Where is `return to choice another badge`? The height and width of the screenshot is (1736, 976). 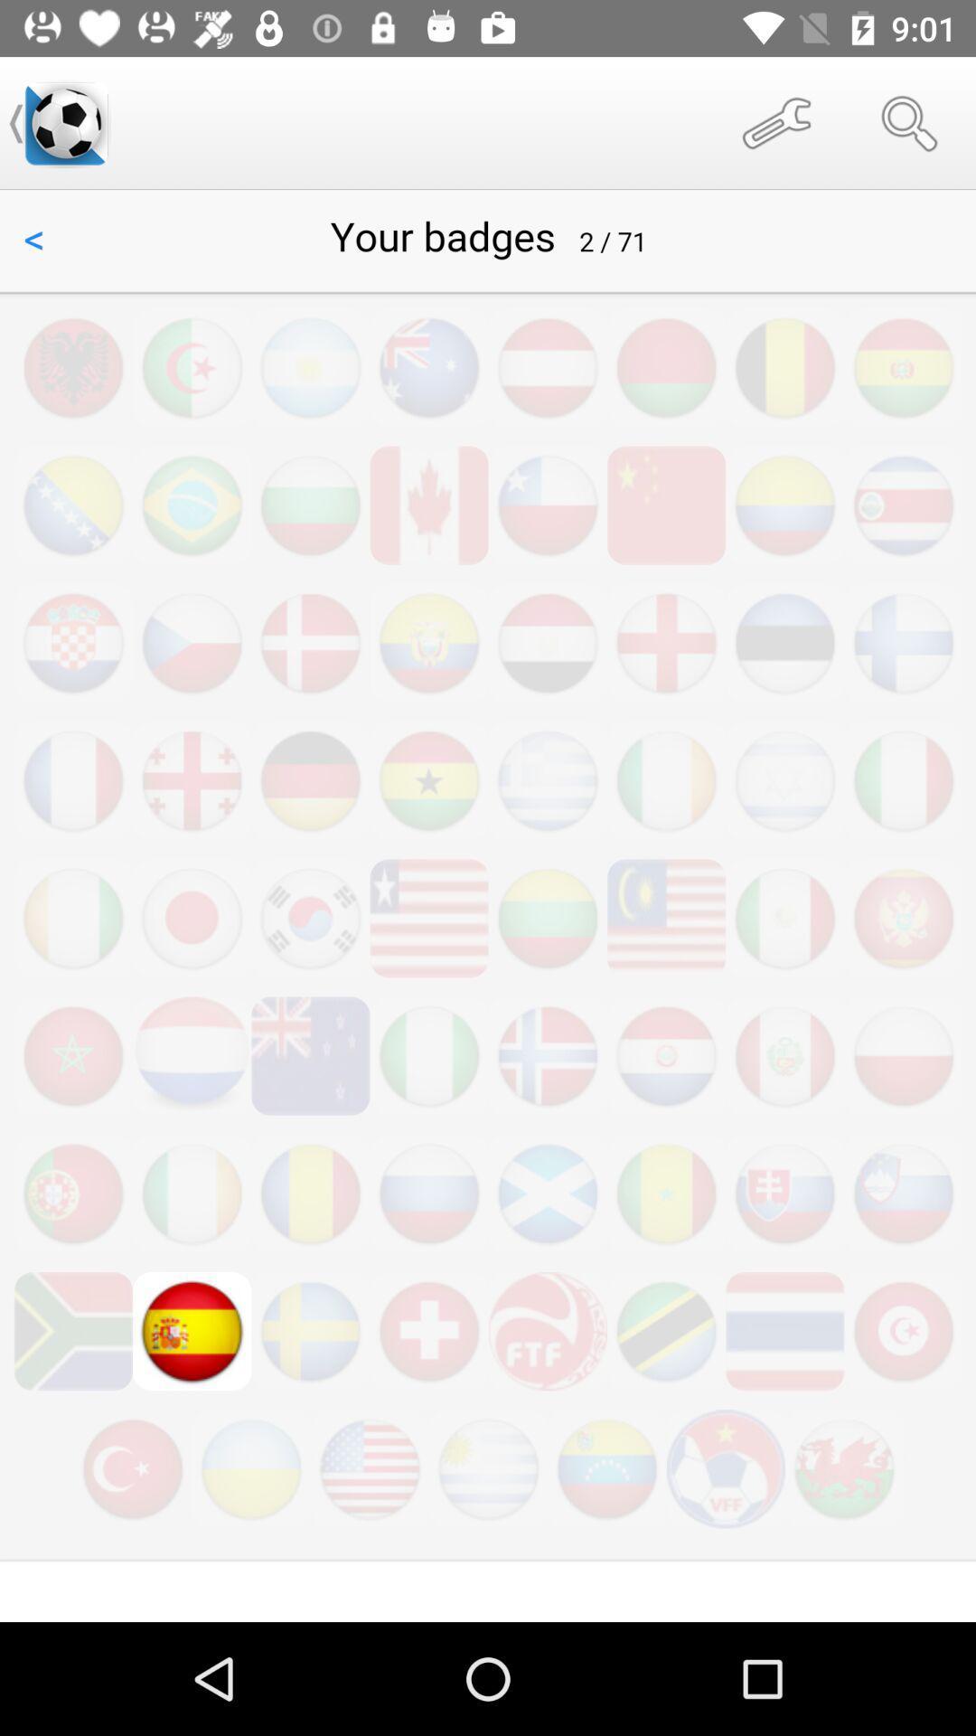 return to choice another badge is located at coordinates (488, 906).